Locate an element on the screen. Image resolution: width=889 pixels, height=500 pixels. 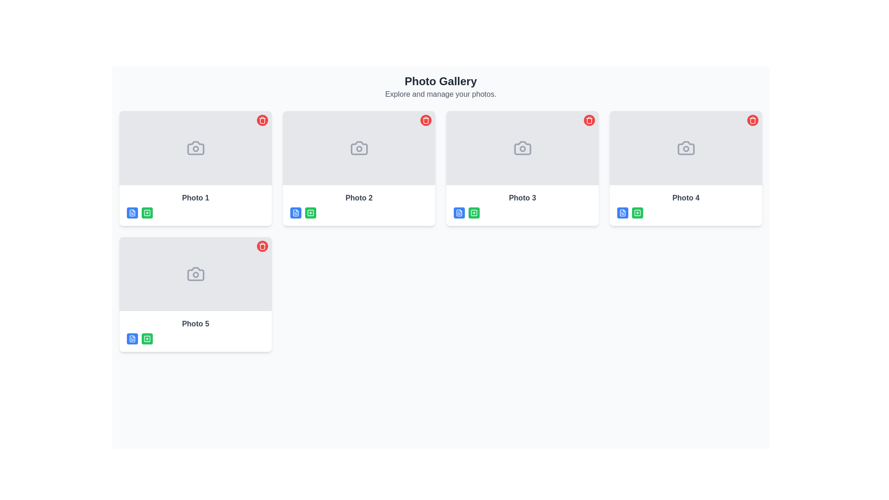
the small blue button with a document icon located at the bottom-left corner of the 'Photo 2' card to potentially display a tooltip is located at coordinates (295, 212).